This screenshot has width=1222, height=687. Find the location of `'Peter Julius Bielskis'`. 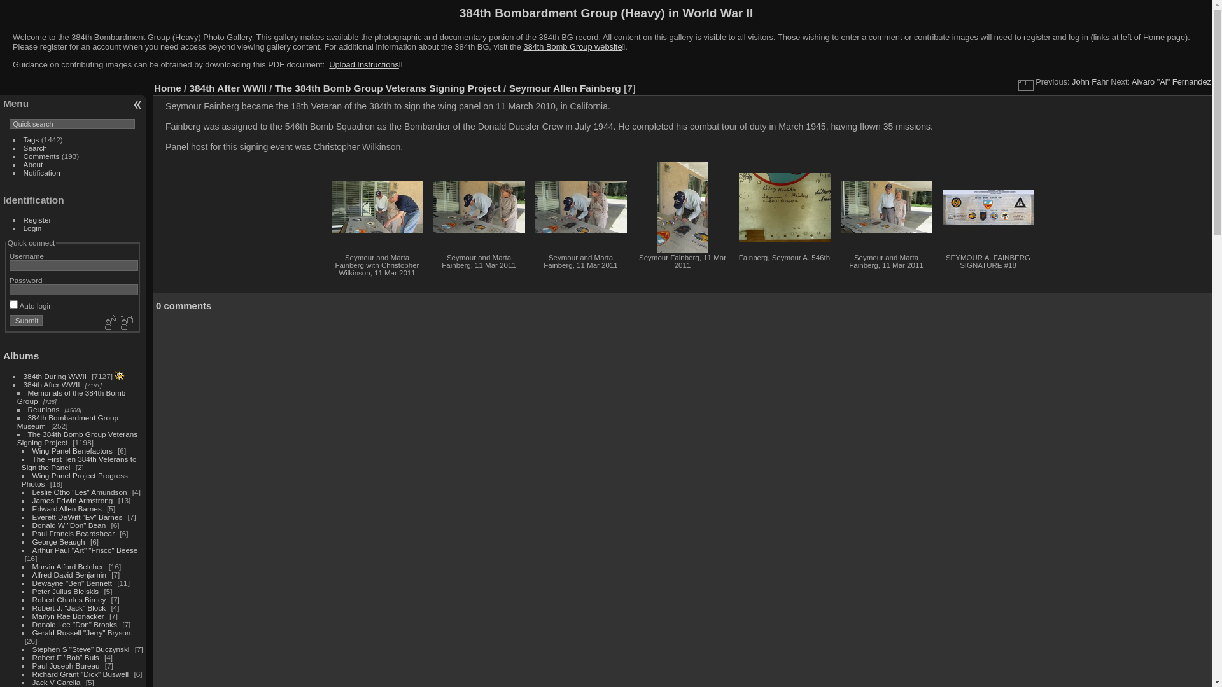

'Peter Julius Bielskis' is located at coordinates (65, 591).